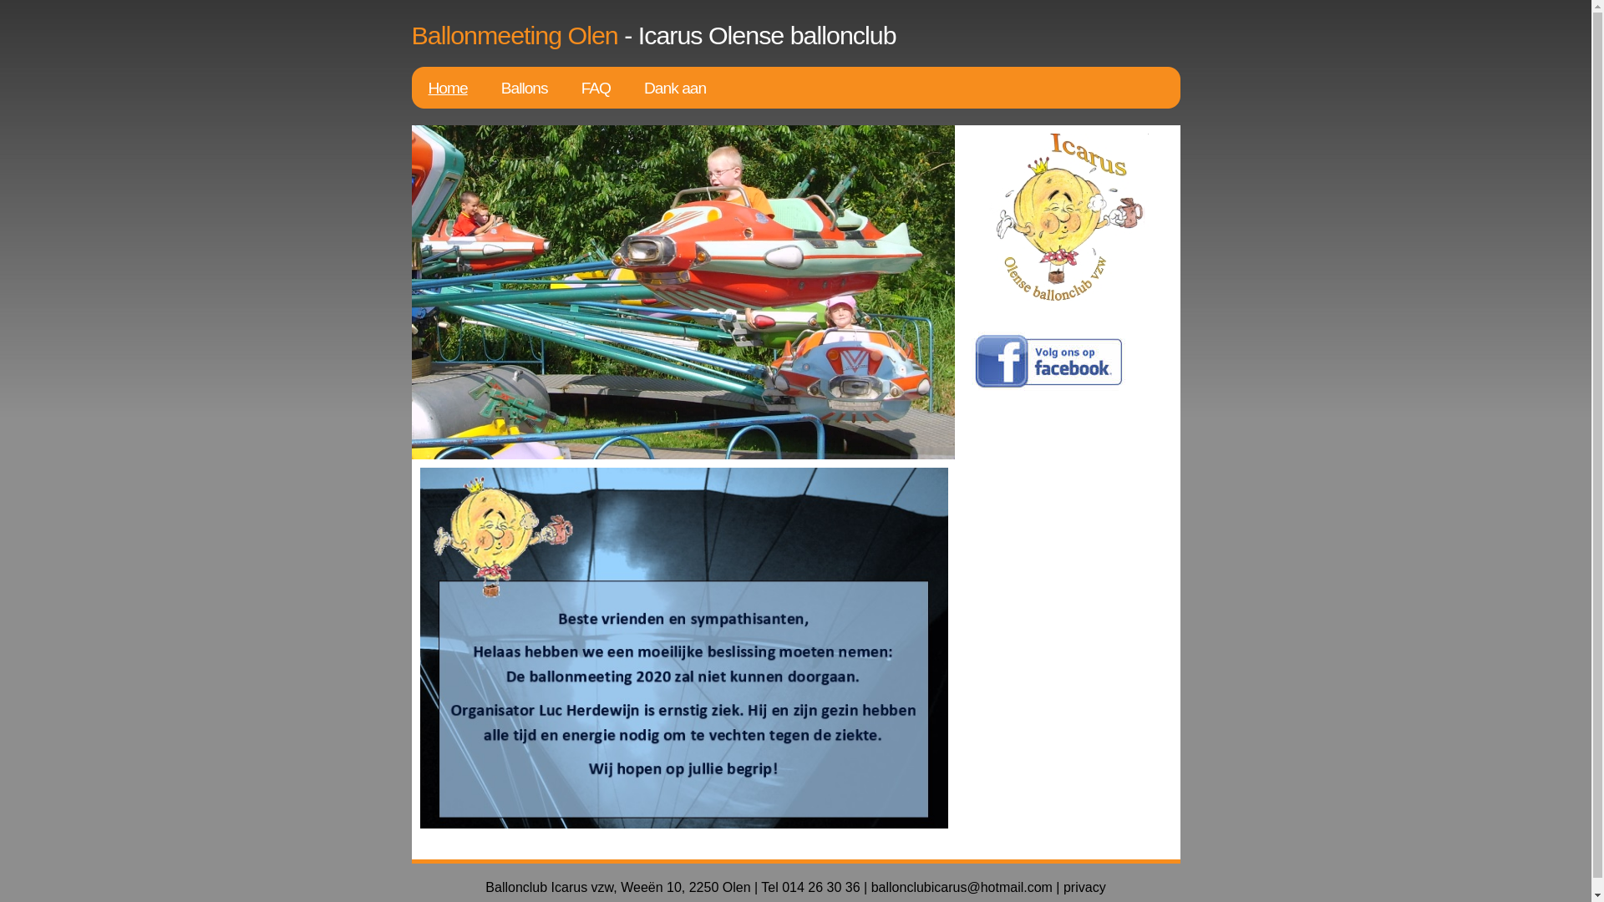 This screenshot has height=902, width=1604. I want to click on 'Dank aan', so click(674, 87).